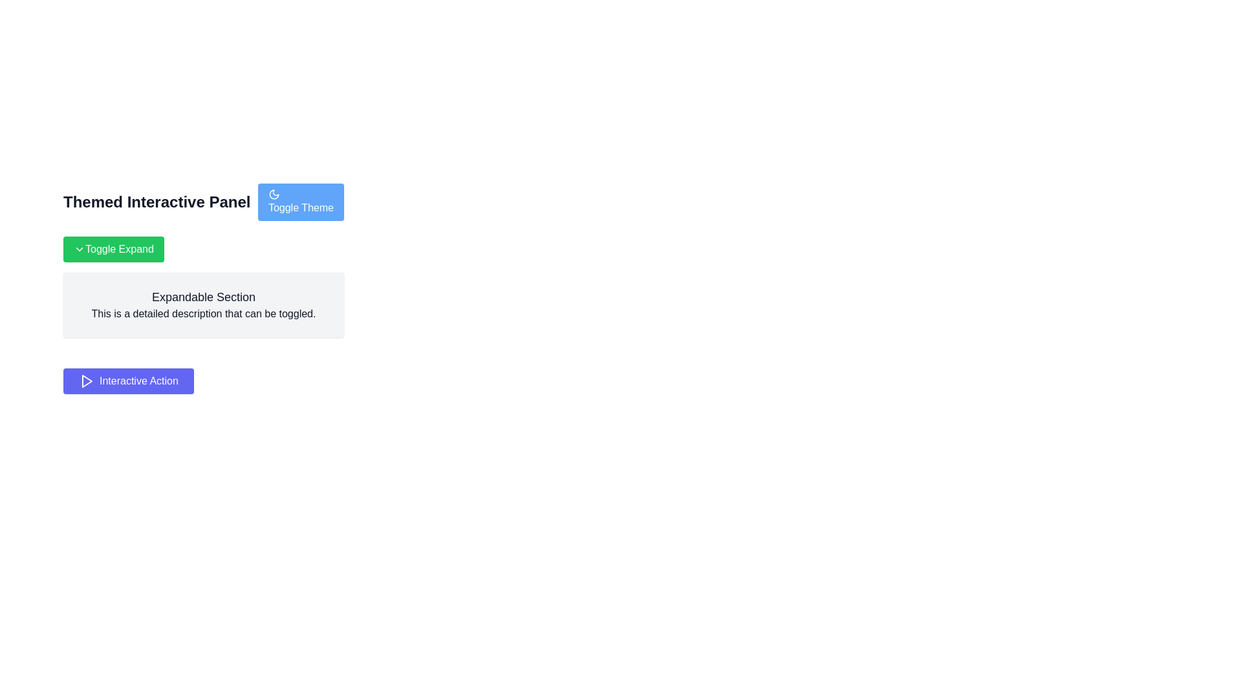 Image resolution: width=1242 pixels, height=698 pixels. Describe the element at coordinates (86, 381) in the screenshot. I see `the play icon located inside the 'Interactive Action' button at the bottom of the interface` at that location.